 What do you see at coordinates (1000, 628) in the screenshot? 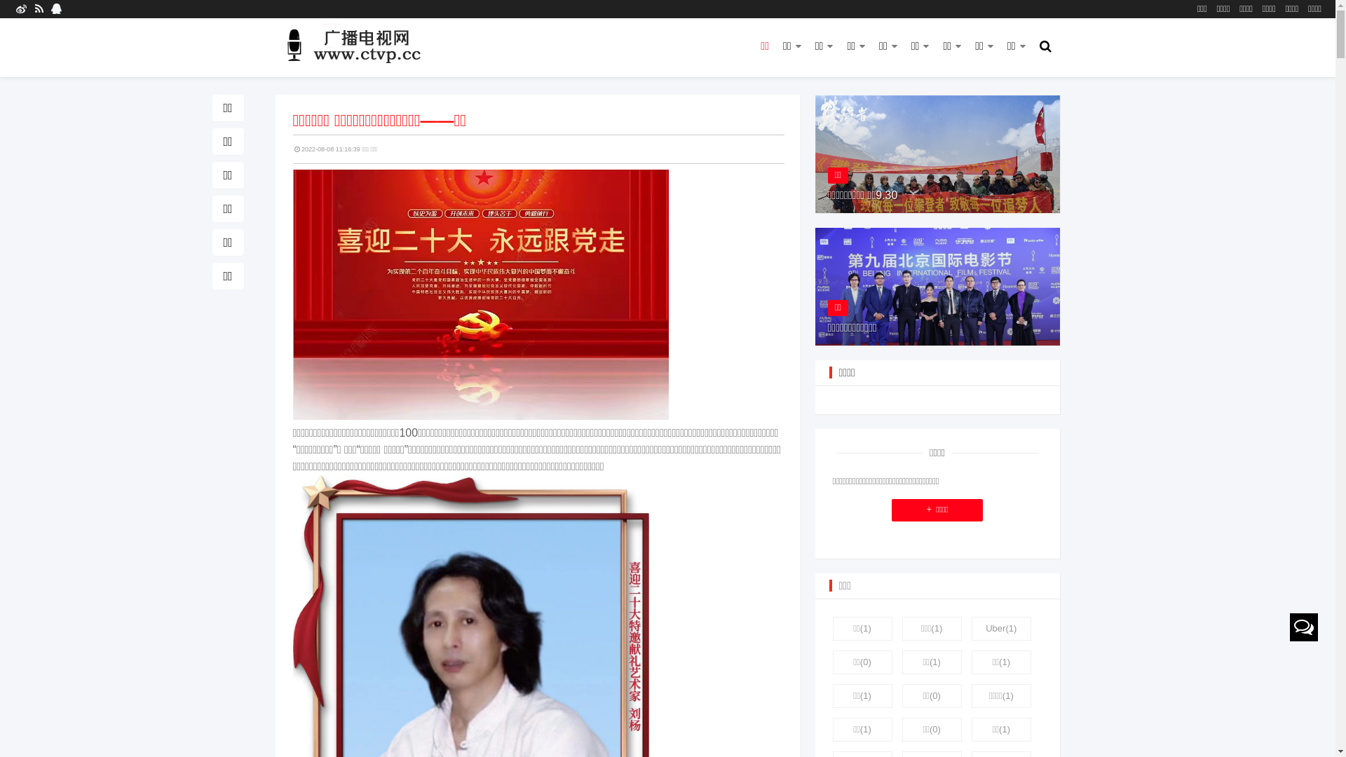
I see `'Uber(1)'` at bounding box center [1000, 628].